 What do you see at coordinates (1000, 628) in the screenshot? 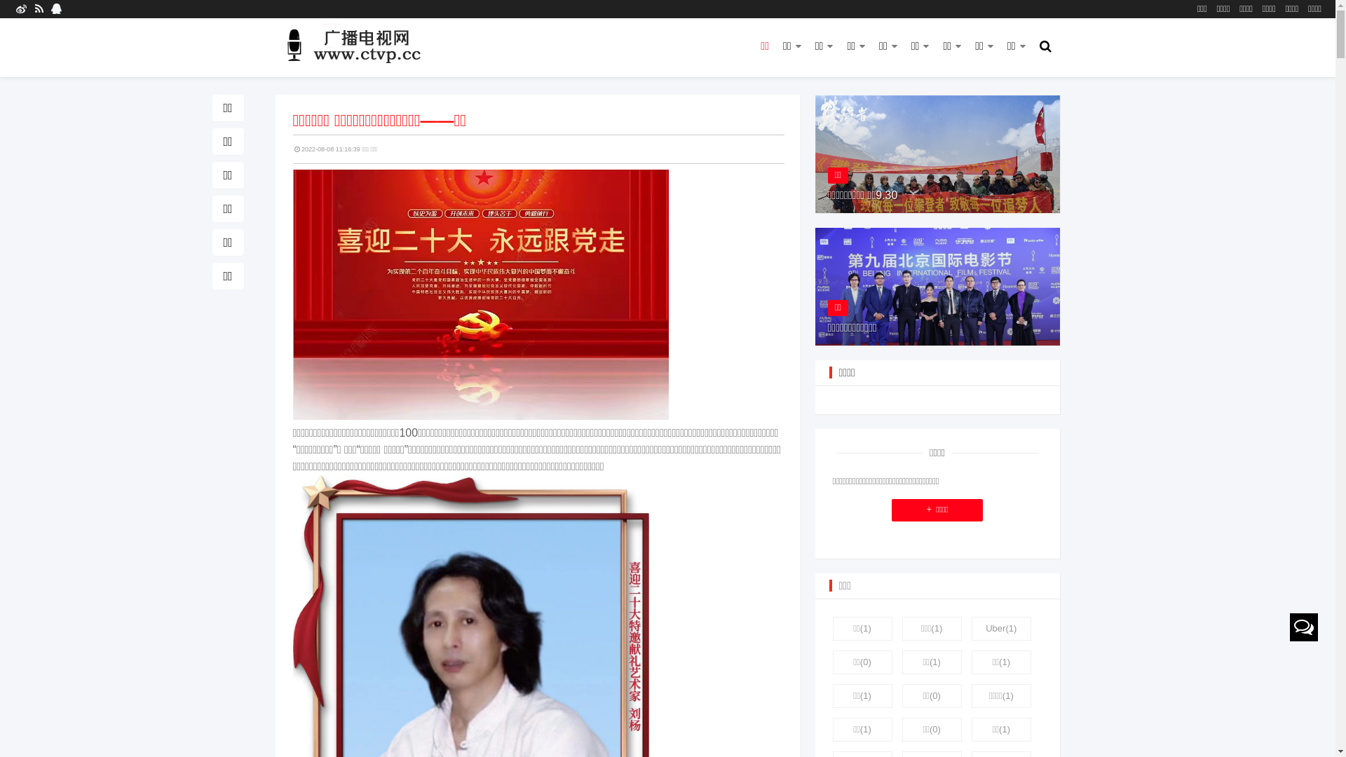
I see `'Uber(1)'` at bounding box center [1000, 628].